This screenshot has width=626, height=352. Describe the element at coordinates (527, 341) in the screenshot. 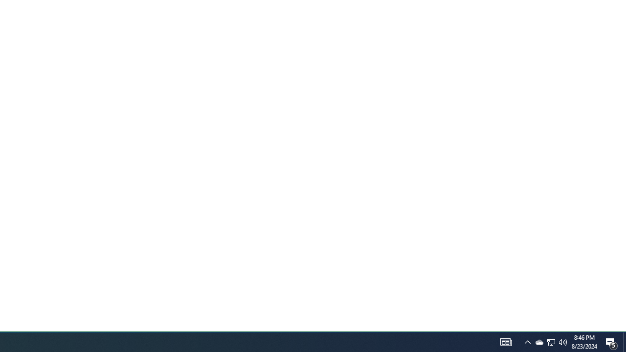

I see `'Notification Chevron'` at that location.